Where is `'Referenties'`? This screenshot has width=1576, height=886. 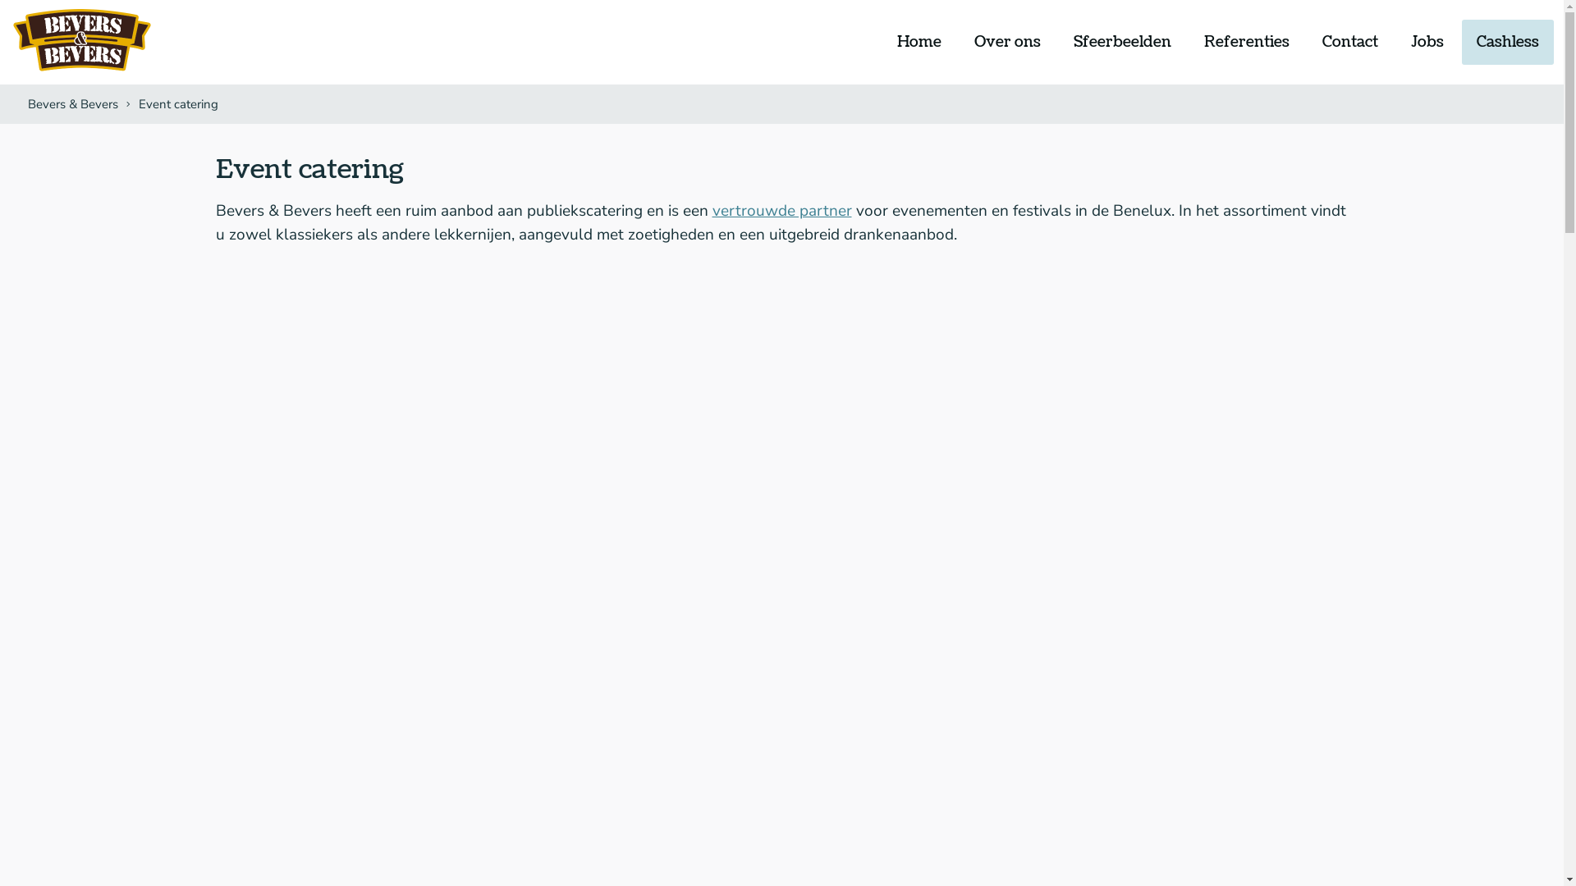 'Referenties' is located at coordinates (1246, 41).